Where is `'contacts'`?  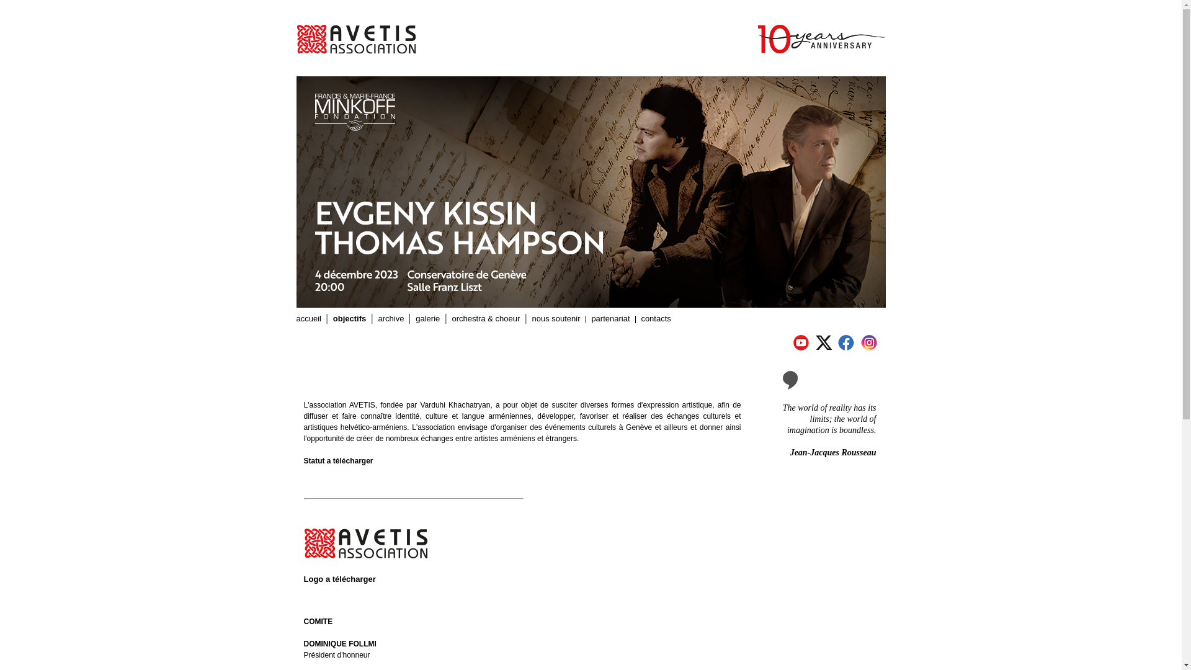 'contacts' is located at coordinates (654, 318).